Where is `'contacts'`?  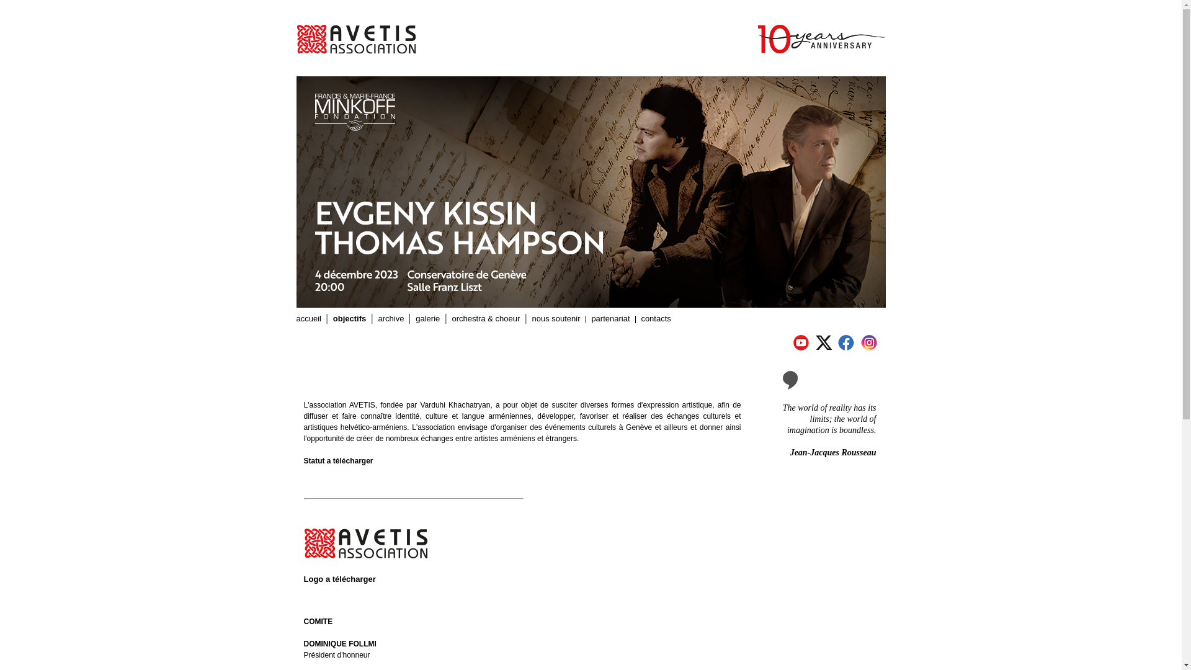 'contacts' is located at coordinates (654, 318).